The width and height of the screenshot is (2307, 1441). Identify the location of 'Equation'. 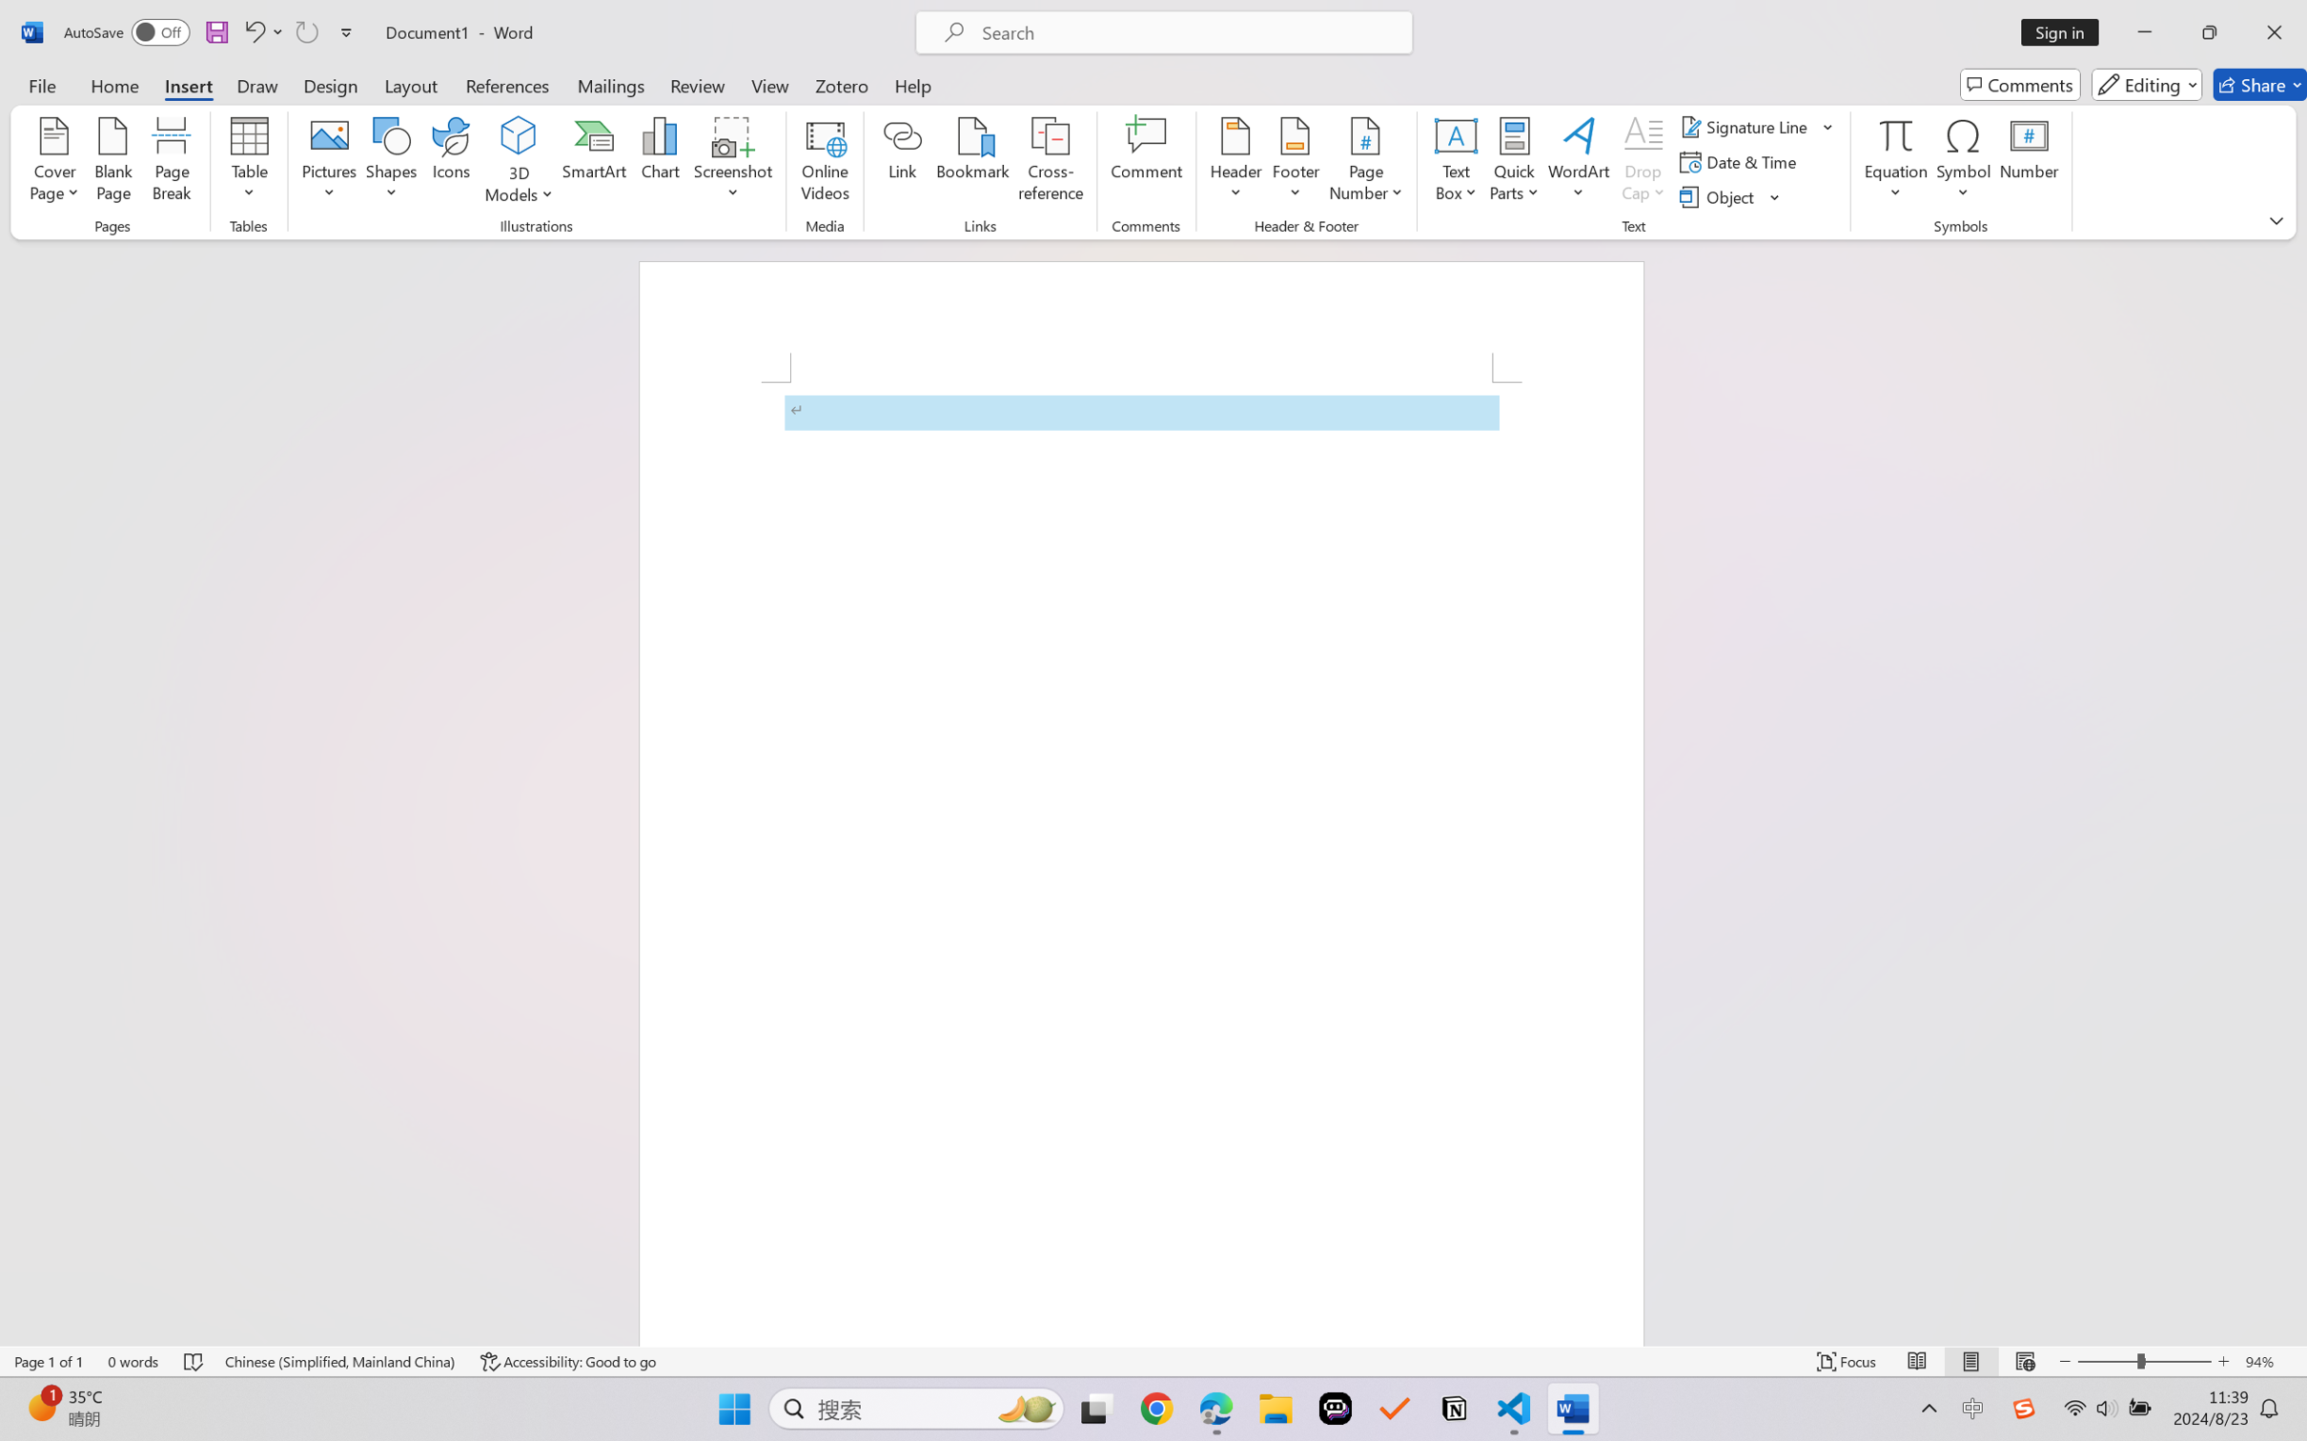
(1895, 162).